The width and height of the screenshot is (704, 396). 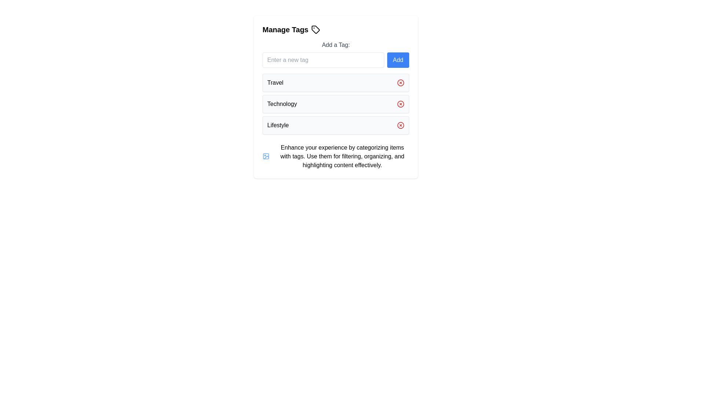 I want to click on the circular Icon button associated with the 'Travel' item, so click(x=400, y=82).